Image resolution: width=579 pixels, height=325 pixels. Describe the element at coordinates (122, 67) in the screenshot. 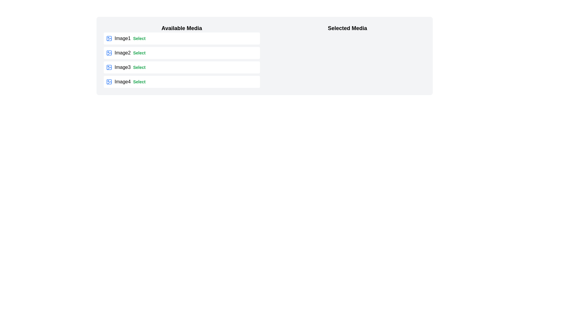

I see `text displayed on the label 'Image3' located in the third row of the 'Available Media' section` at that location.